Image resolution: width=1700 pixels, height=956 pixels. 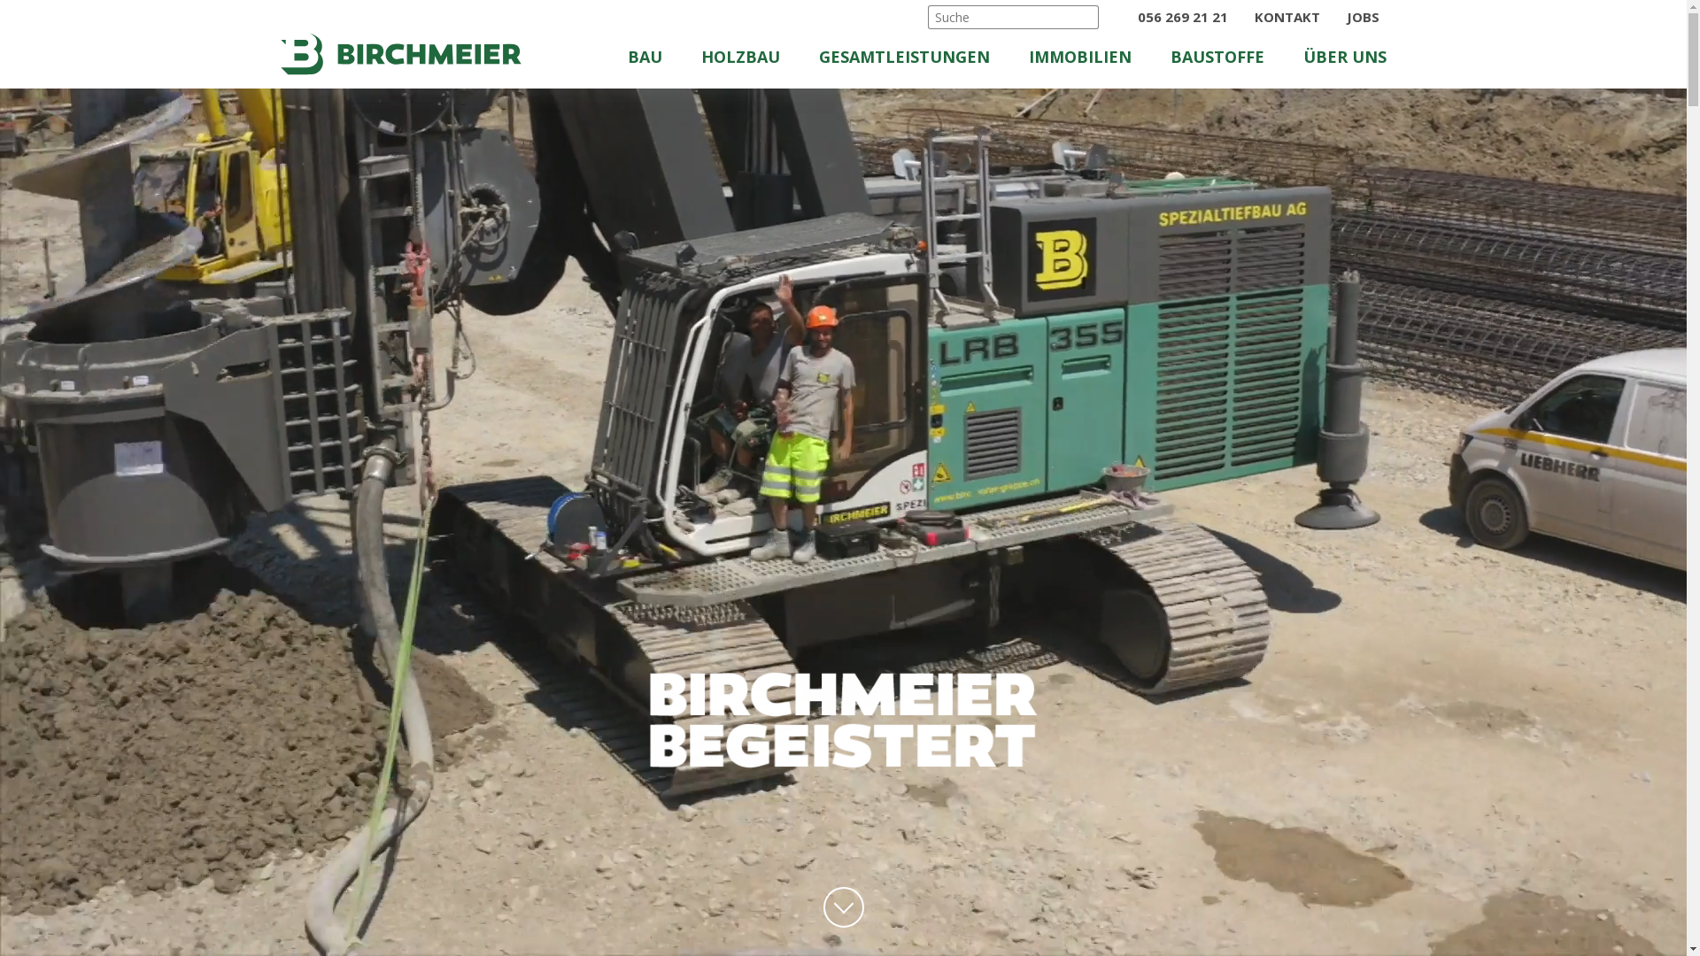 What do you see at coordinates (1179, 17) in the screenshot?
I see `'056 269 21 21'` at bounding box center [1179, 17].